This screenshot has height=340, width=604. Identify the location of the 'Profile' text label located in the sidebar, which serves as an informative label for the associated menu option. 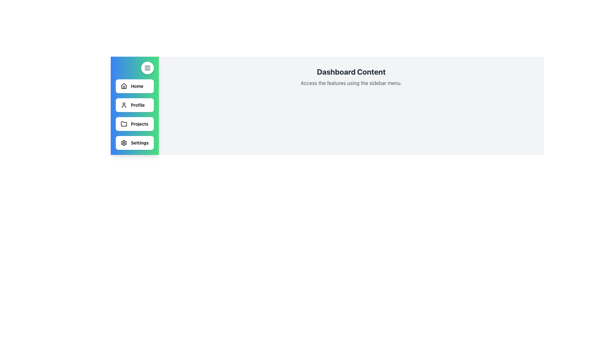
(137, 105).